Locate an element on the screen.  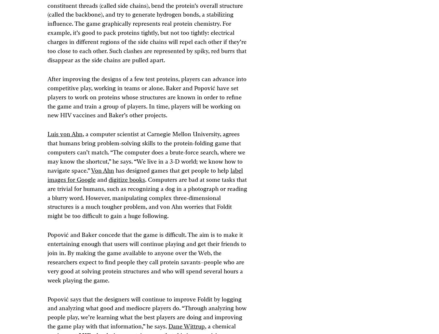
'After improving the designs of a few test proteins, players can advance into competitive play, working in teams or alone. Baker and Popović have set players to work on proteins whose structures are known in order to refine the game and train a group of players. In time, players will be working on new HIV vaccines and Baker’s other projects.' is located at coordinates (146, 97).